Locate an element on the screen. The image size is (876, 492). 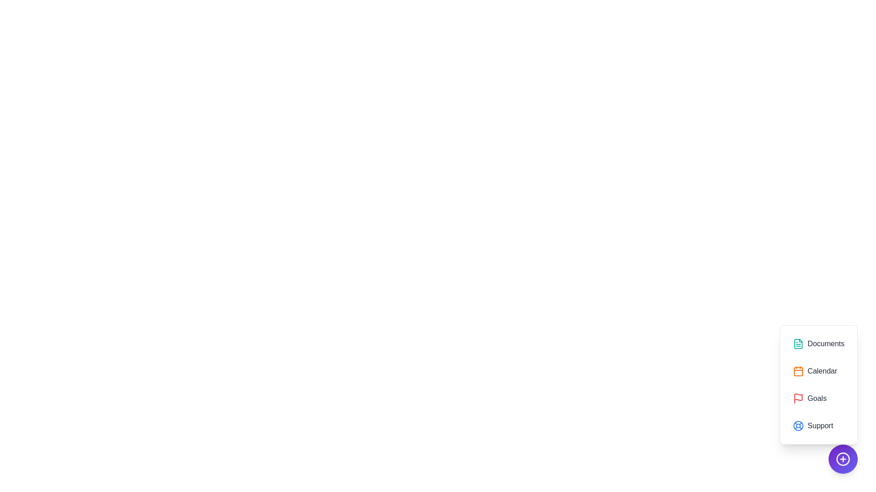
the Goals icon to interact with it is located at coordinates (819, 398).